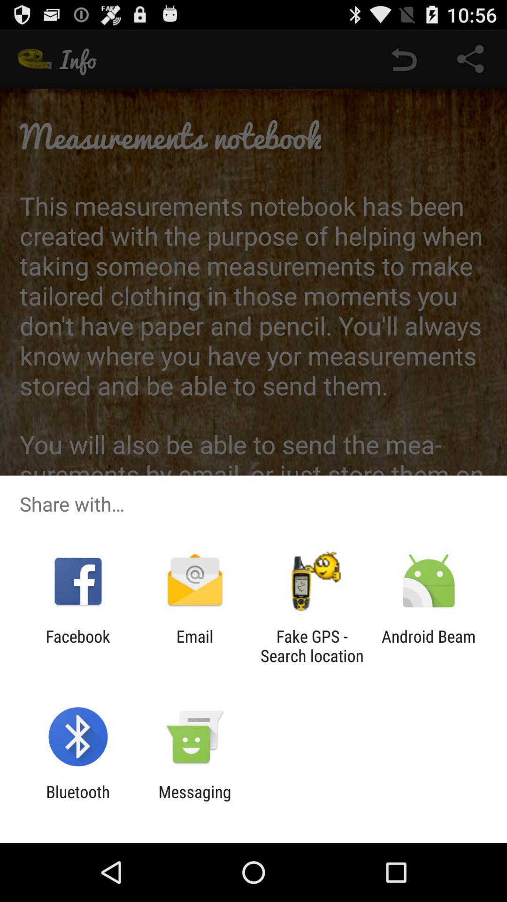  What do you see at coordinates (312, 645) in the screenshot?
I see `the item next to the email item` at bounding box center [312, 645].